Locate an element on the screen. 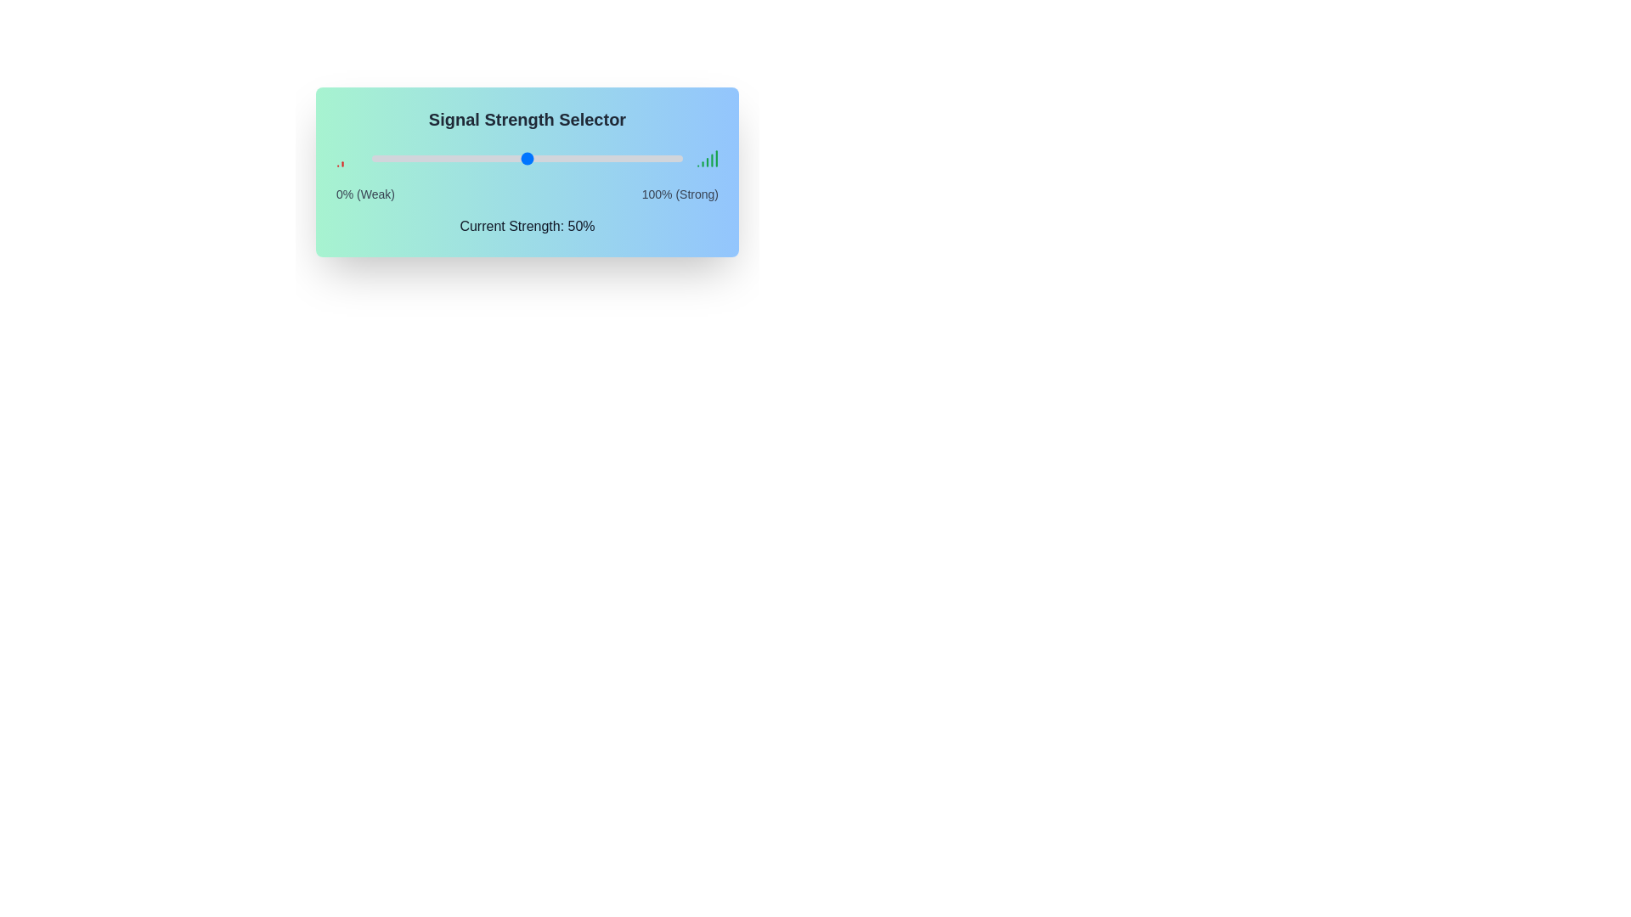 This screenshot has width=1631, height=917. the signal strength slider to 0% is located at coordinates (370, 158).